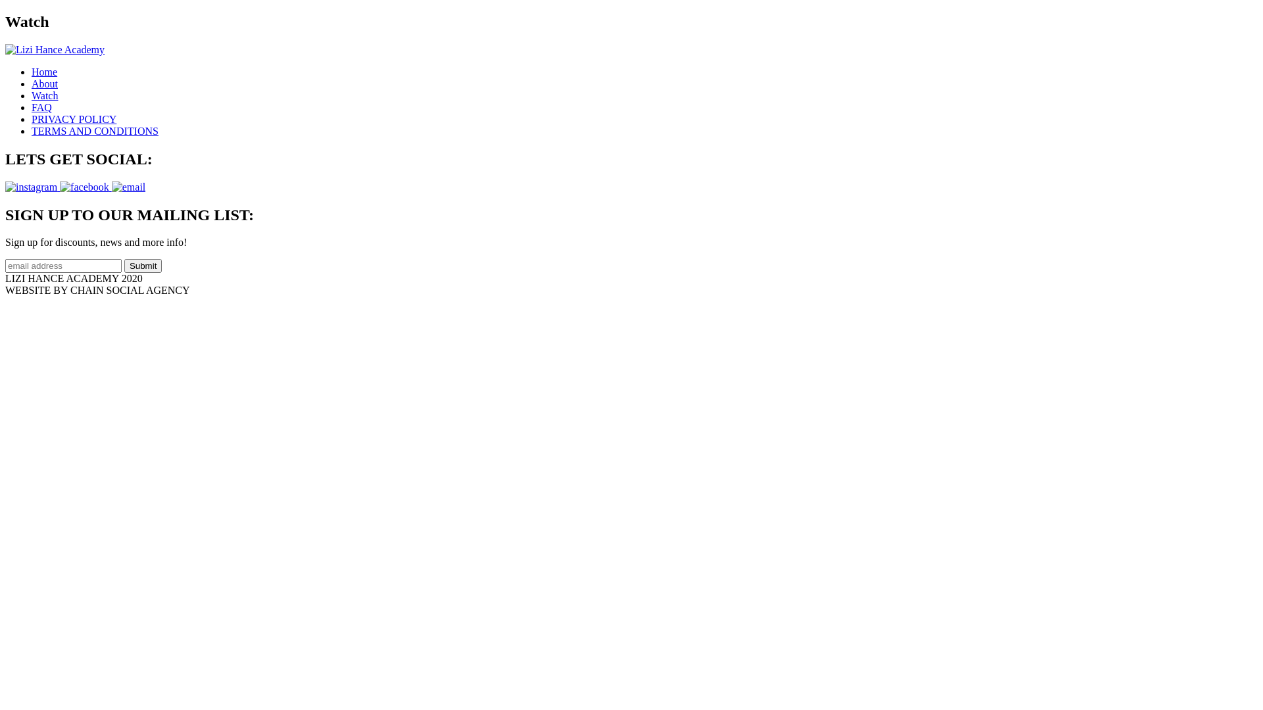  I want to click on 'Home', so click(32, 72).